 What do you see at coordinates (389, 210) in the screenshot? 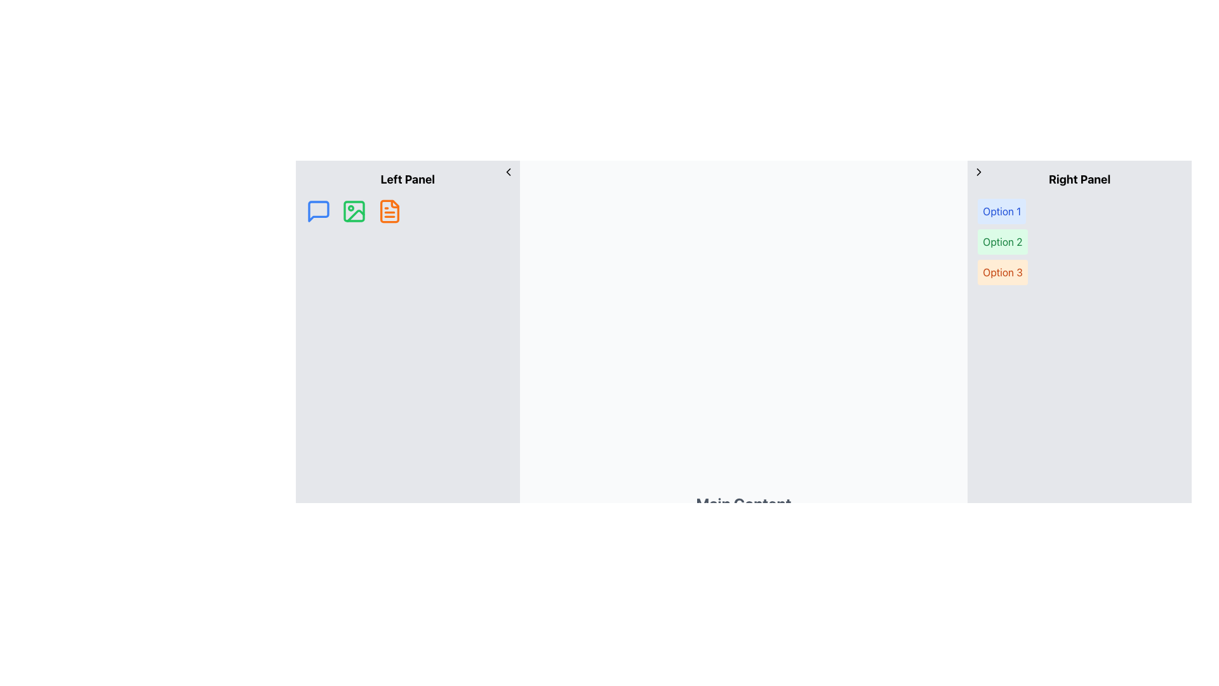
I see `the third icon in the vertical arrangement of the 'Left Panel' section to initiate file/document functionality` at bounding box center [389, 210].